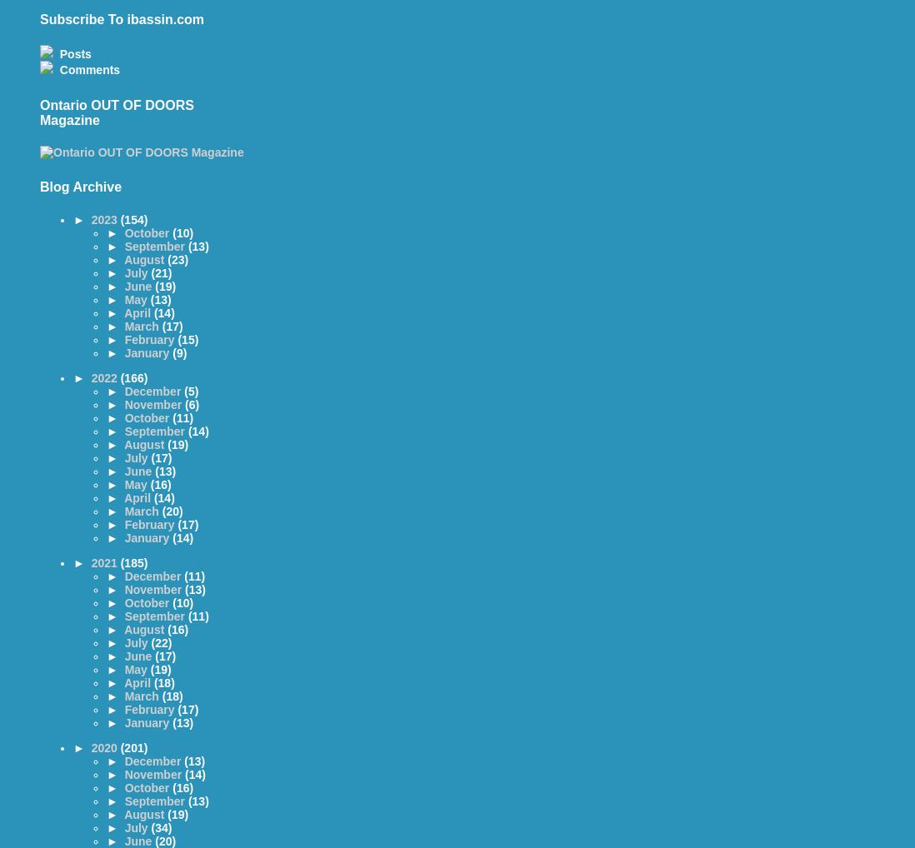  I want to click on '(5)', so click(190, 392).